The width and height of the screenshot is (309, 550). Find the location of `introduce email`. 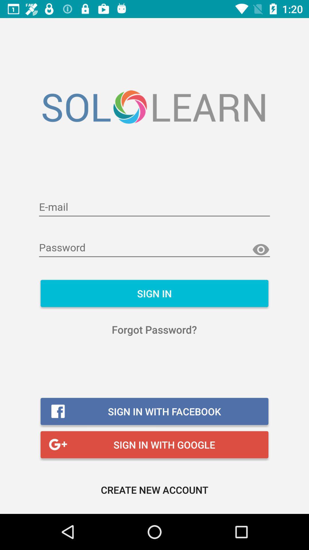

introduce email is located at coordinates (154, 207).